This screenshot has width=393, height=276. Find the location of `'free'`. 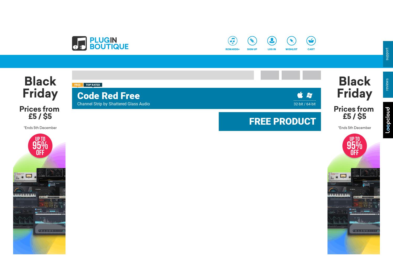

'free' is located at coordinates (77, 84).